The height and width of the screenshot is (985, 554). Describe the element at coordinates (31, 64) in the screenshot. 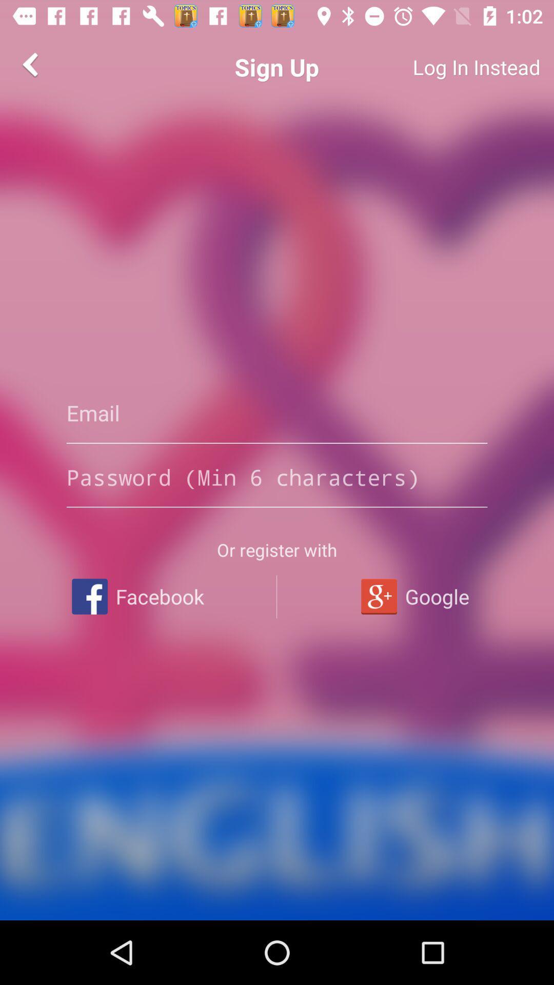

I see `back` at that location.